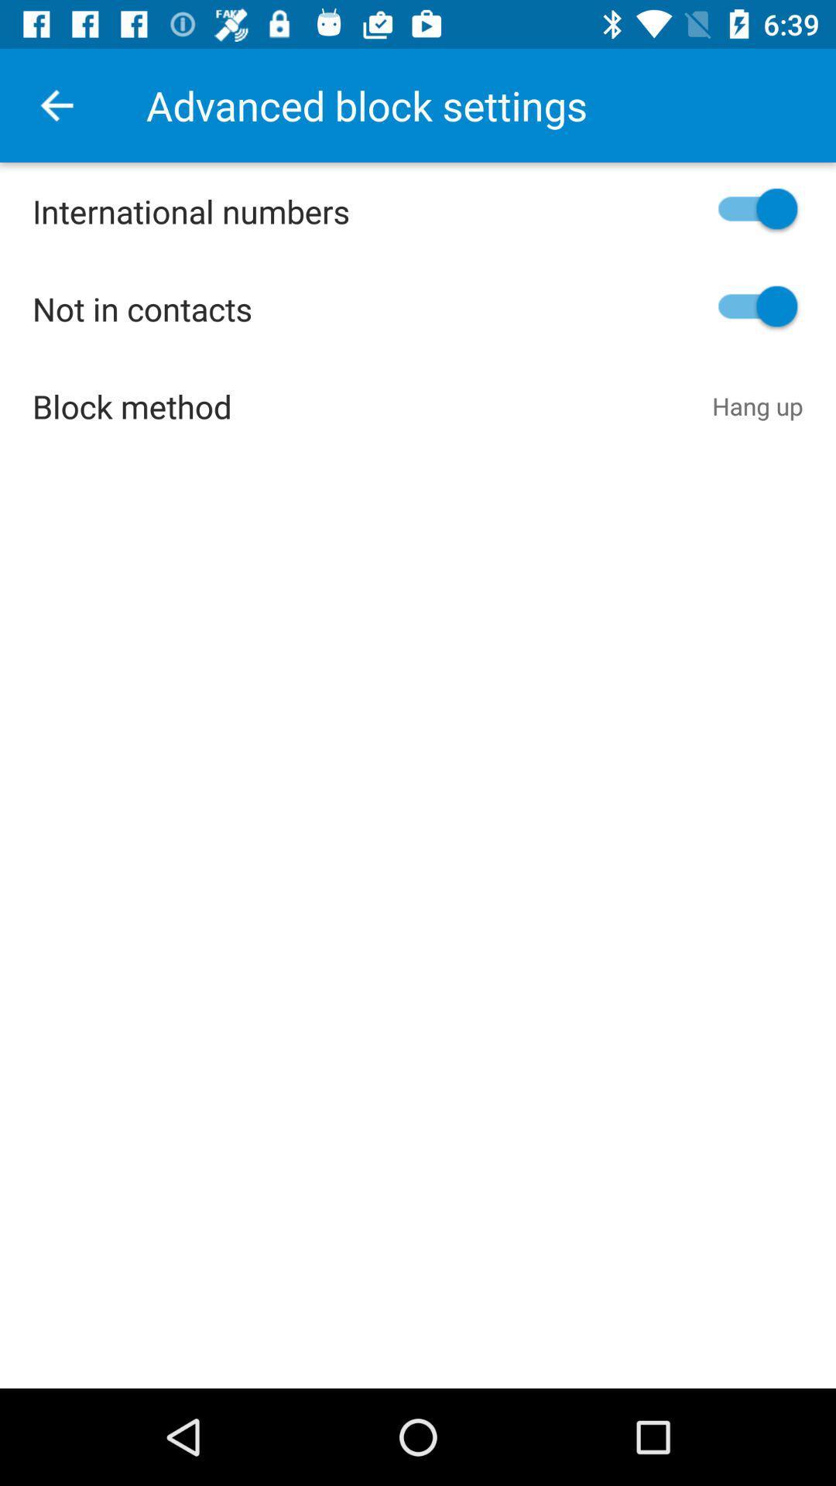 This screenshot has width=836, height=1486. Describe the element at coordinates (56, 104) in the screenshot. I see `item above the international numbers icon` at that location.